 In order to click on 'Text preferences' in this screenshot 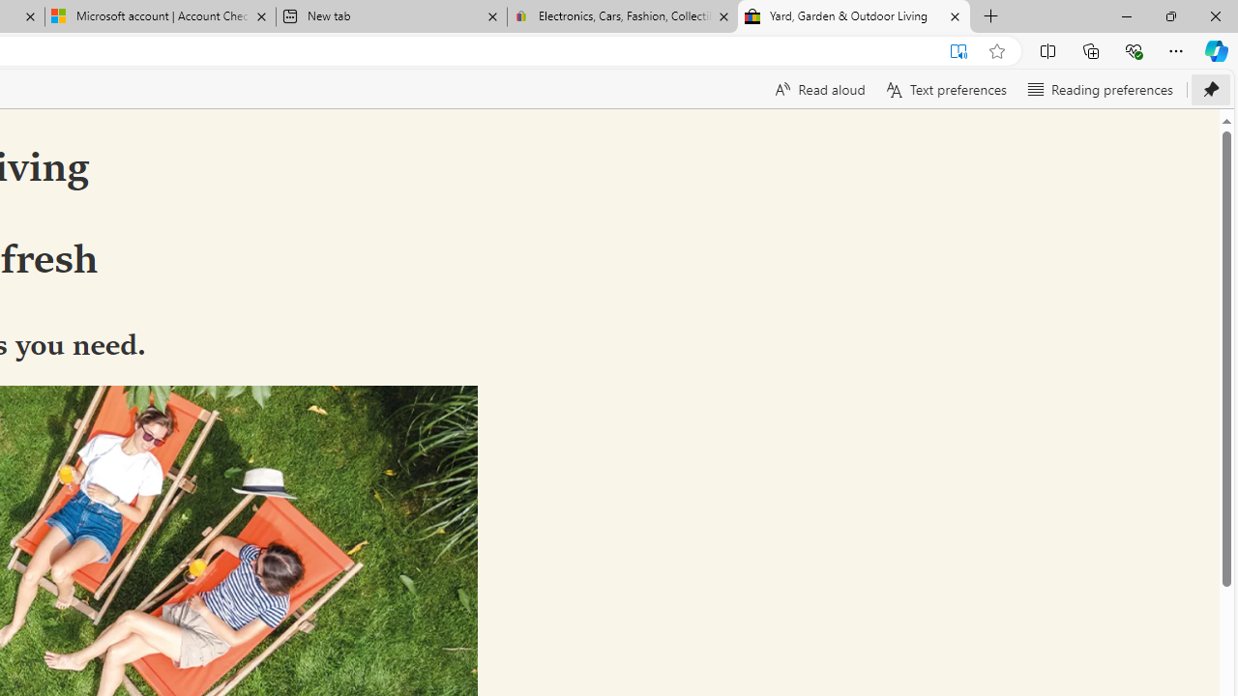, I will do `click(945, 89)`.